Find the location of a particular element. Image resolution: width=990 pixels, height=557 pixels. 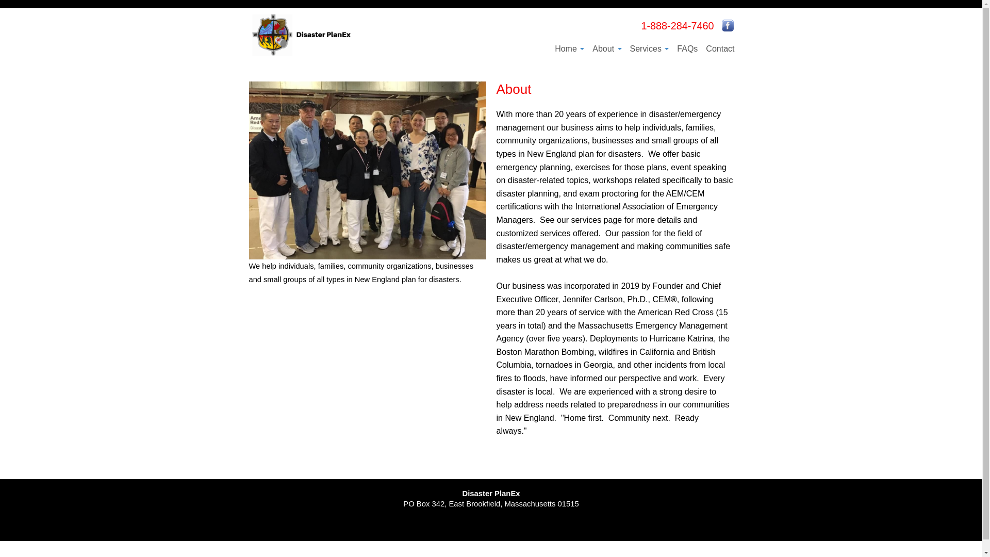

'1-888-284-7460' is located at coordinates (677, 25).